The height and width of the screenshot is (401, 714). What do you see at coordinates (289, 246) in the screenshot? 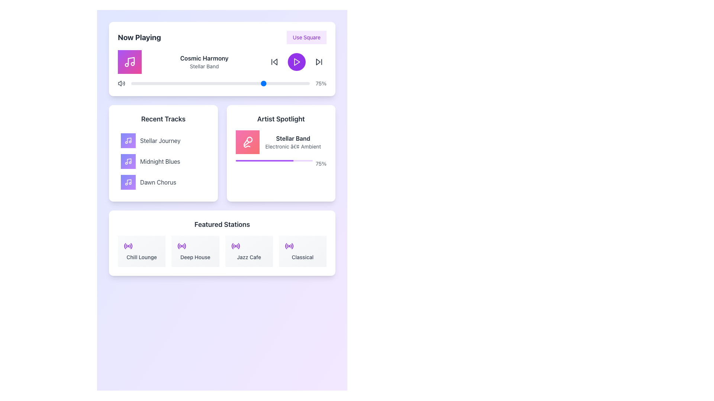
I see `the fourth and rightmost icon in the 'Featured Stations' section` at bounding box center [289, 246].